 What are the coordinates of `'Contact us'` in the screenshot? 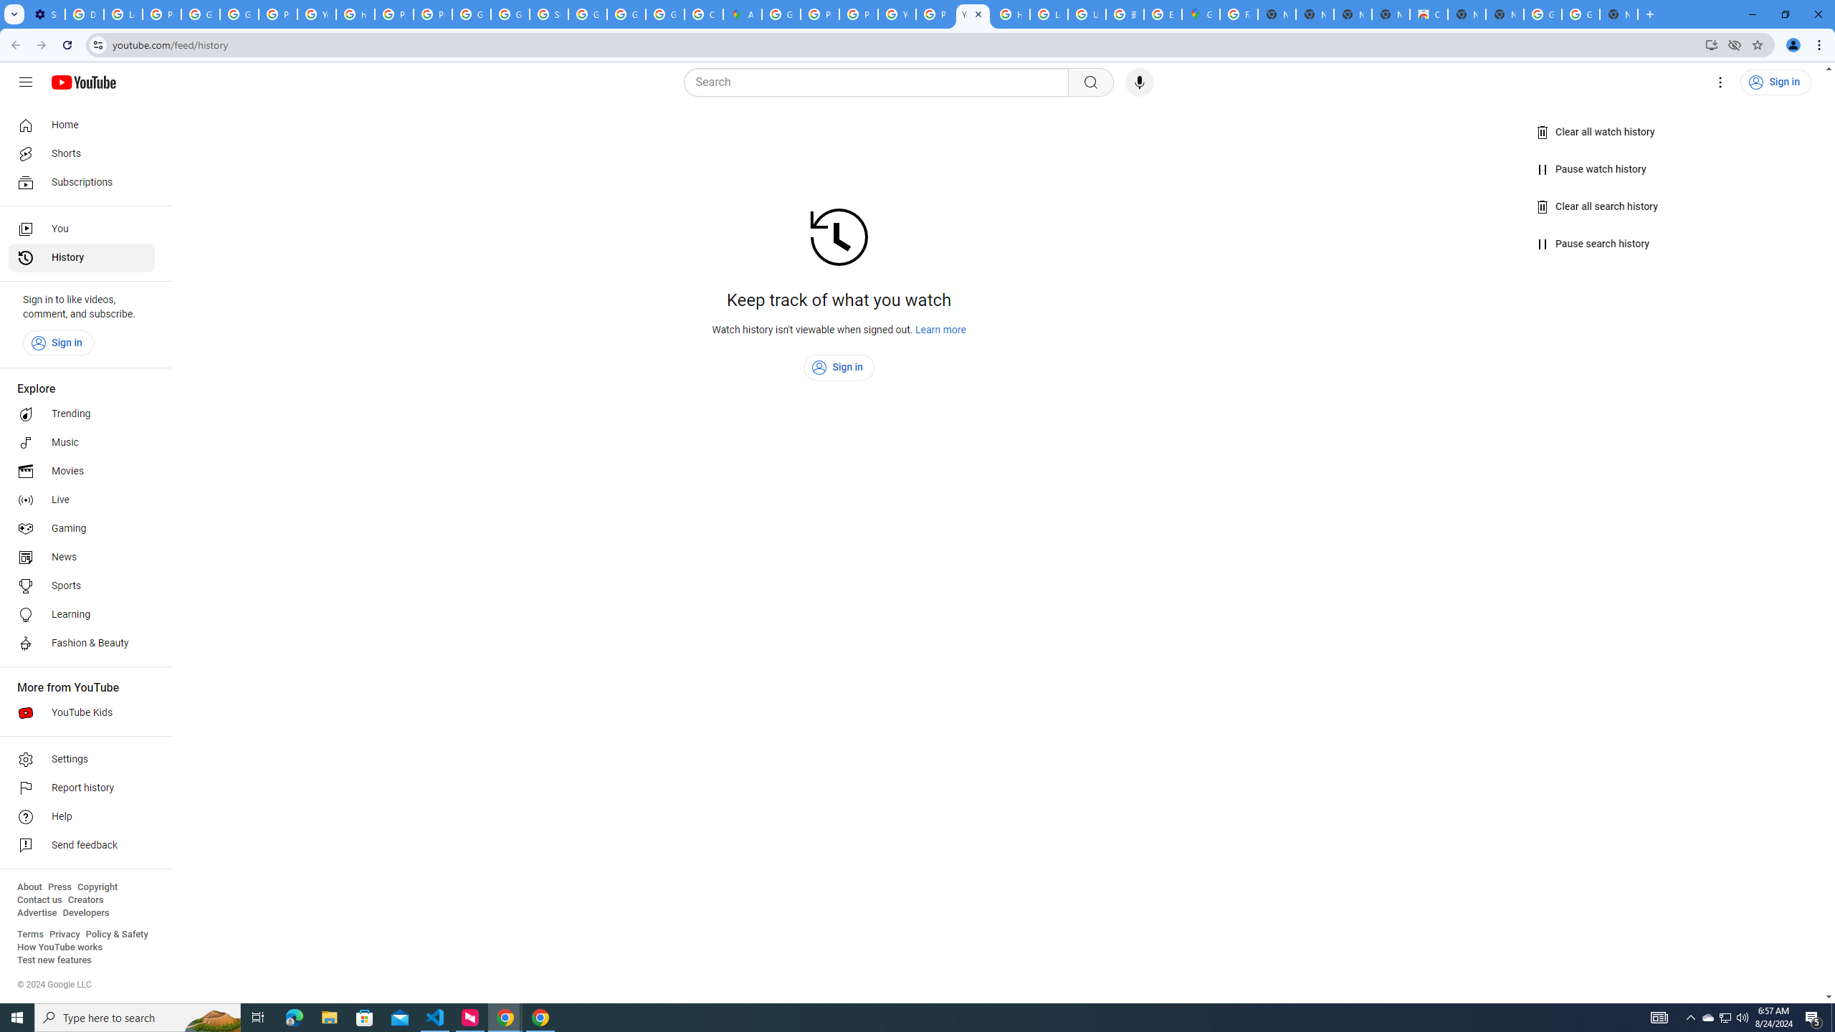 It's located at (39, 899).